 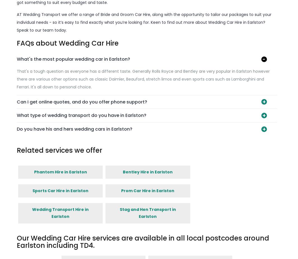 I want to click on 'Wedding Transport Hire in Earlston', so click(x=60, y=213).